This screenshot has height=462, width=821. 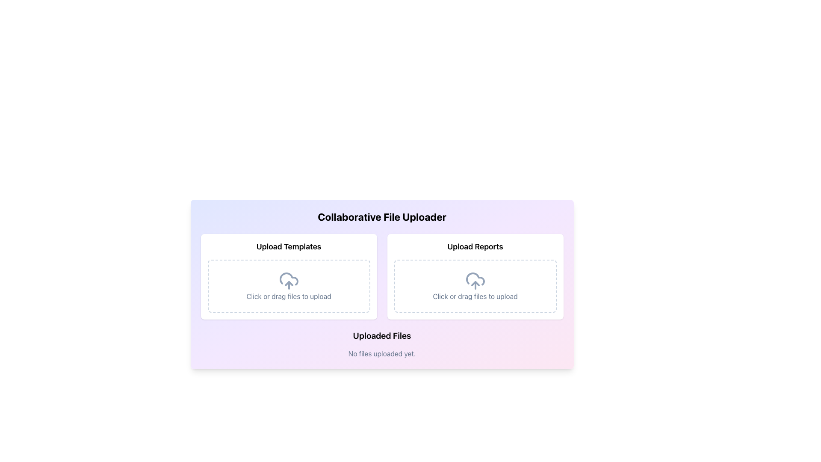 What do you see at coordinates (475, 247) in the screenshot?
I see `the static text header that labels the section for uploading reports, positioned at the top-center of the second card under 'Collaborative File Uploader'` at bounding box center [475, 247].